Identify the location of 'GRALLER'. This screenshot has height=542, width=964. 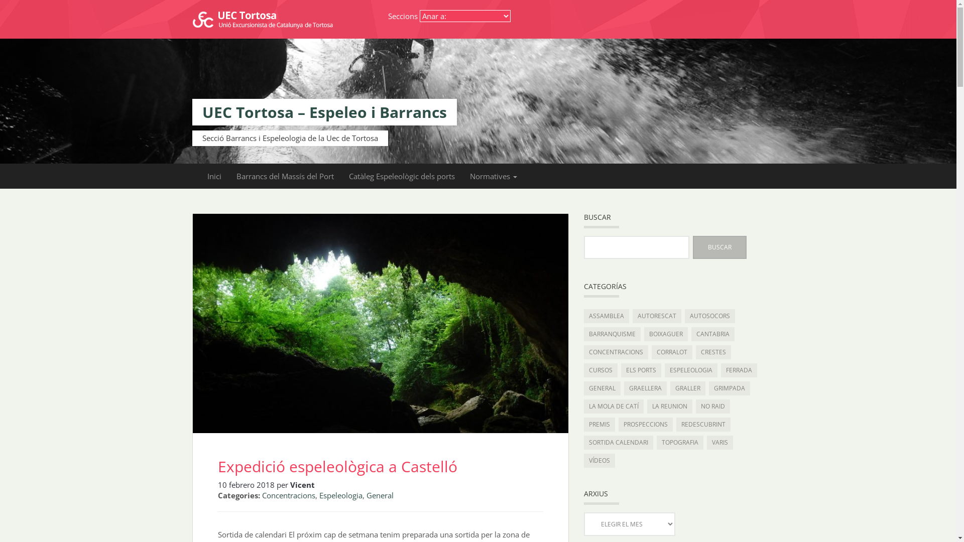
(686, 388).